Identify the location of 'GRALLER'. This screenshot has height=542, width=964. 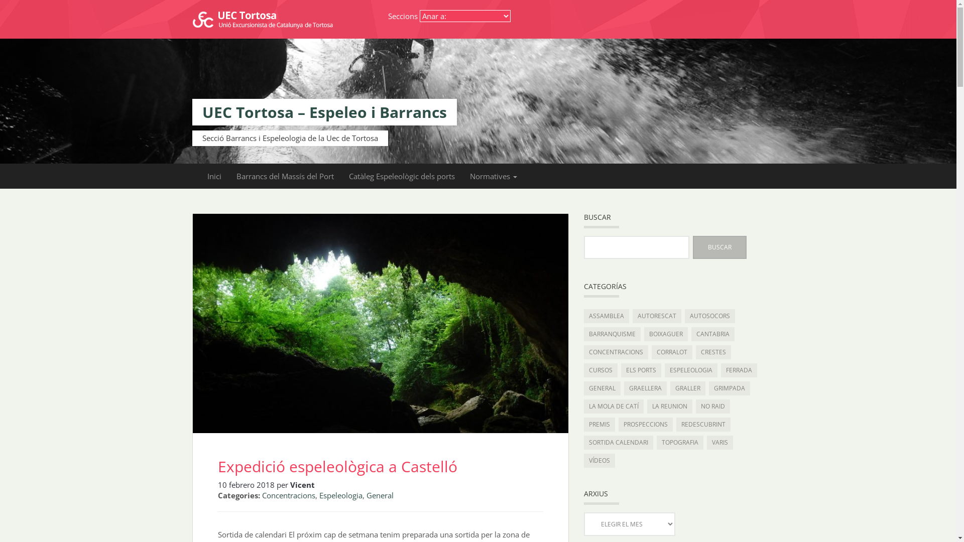
(686, 388).